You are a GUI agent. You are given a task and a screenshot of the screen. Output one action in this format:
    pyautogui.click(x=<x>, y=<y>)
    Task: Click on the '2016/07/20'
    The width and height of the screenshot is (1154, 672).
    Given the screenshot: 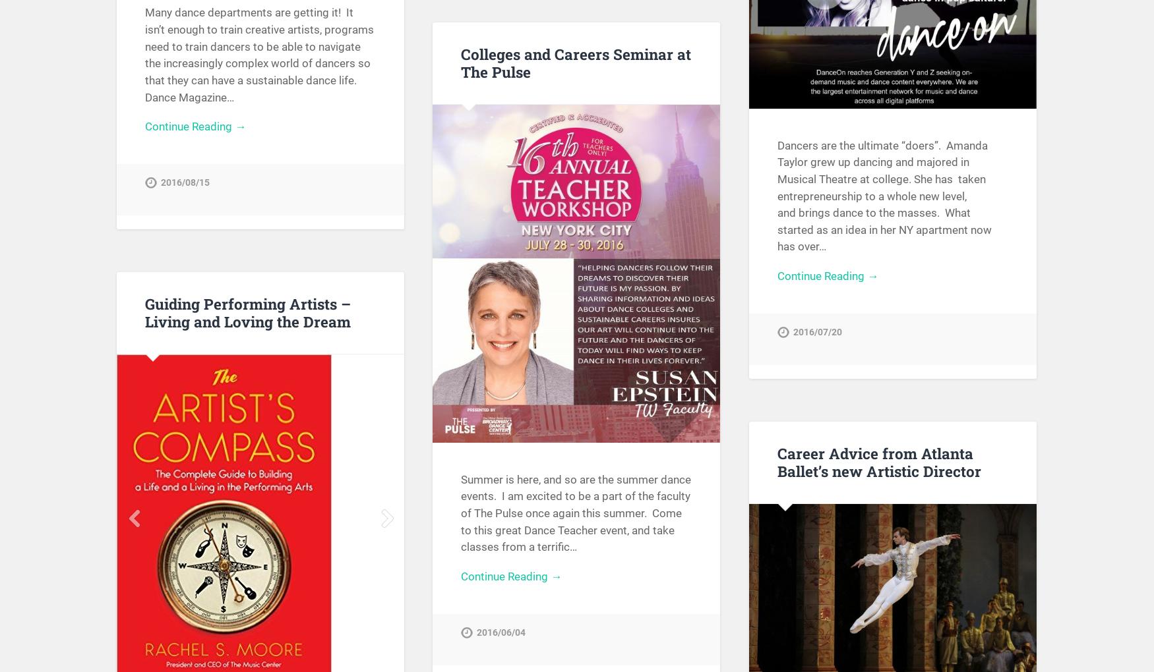 What is the action you would take?
    pyautogui.click(x=818, y=332)
    